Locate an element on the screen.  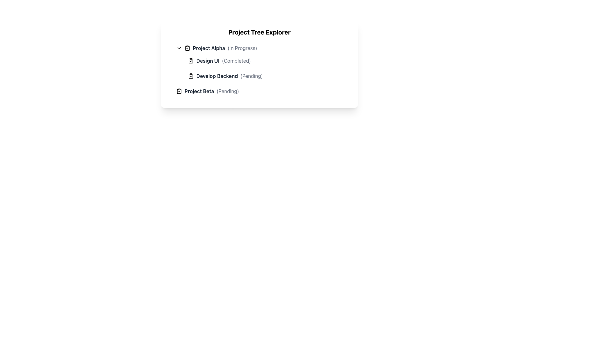
the task titled 'Develop Backend' with a status of 'Pending' is located at coordinates (265, 75).